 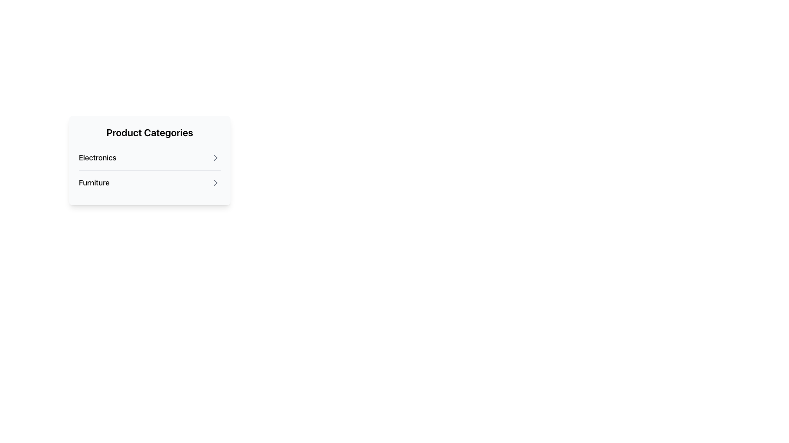 What do you see at coordinates (94, 183) in the screenshot?
I see `the 'Furniture' text label, which is located in the bottom row of a list within a white card labeled 'Product Categories'` at bounding box center [94, 183].